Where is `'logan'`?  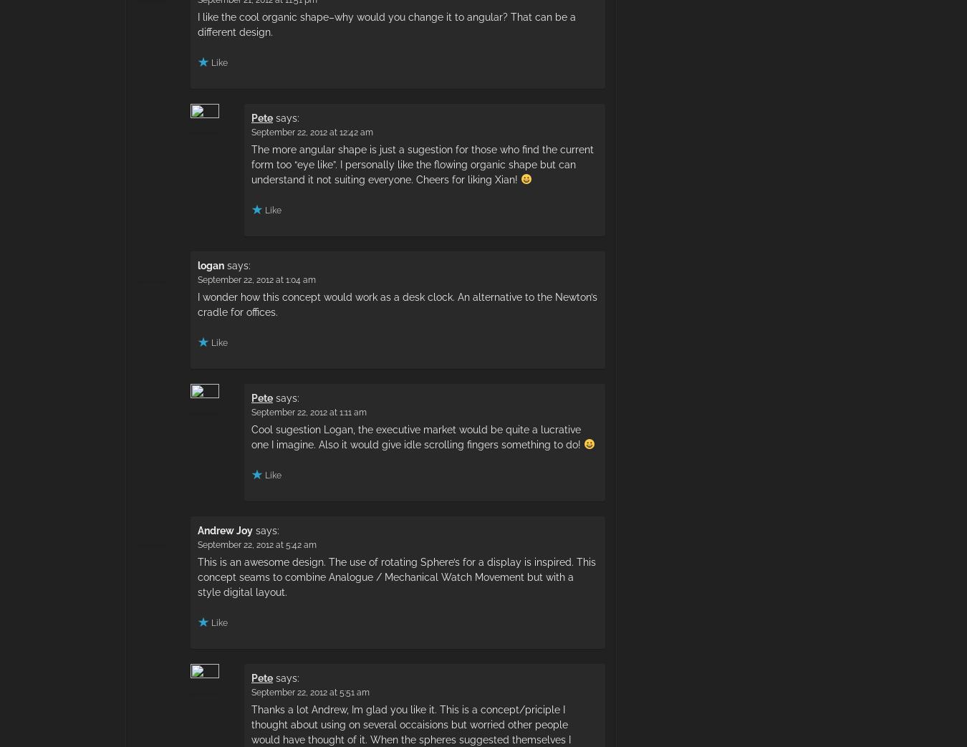
'logan' is located at coordinates (210, 264).